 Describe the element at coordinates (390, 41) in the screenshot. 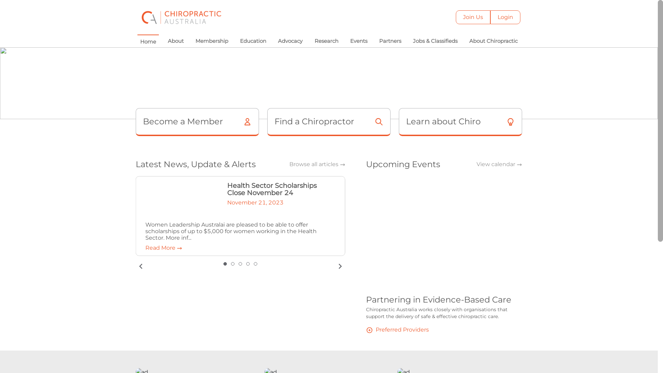

I see `'Partners'` at that location.